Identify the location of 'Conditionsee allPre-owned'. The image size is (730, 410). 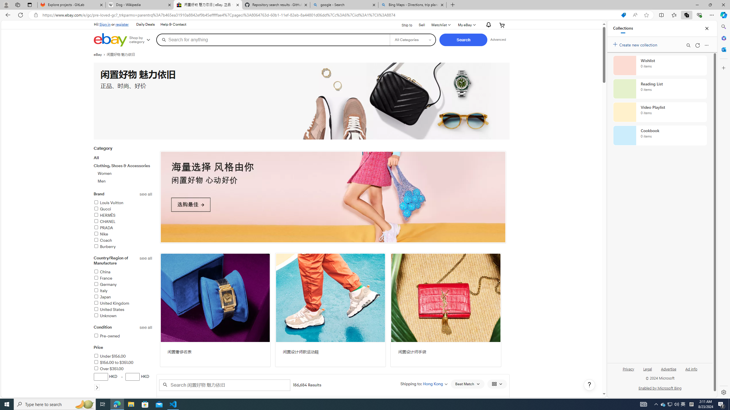
(123, 335).